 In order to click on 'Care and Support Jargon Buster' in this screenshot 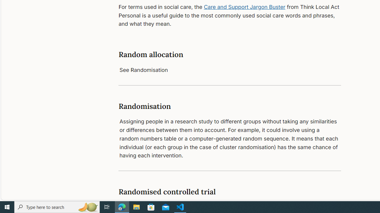, I will do `click(245, 7)`.